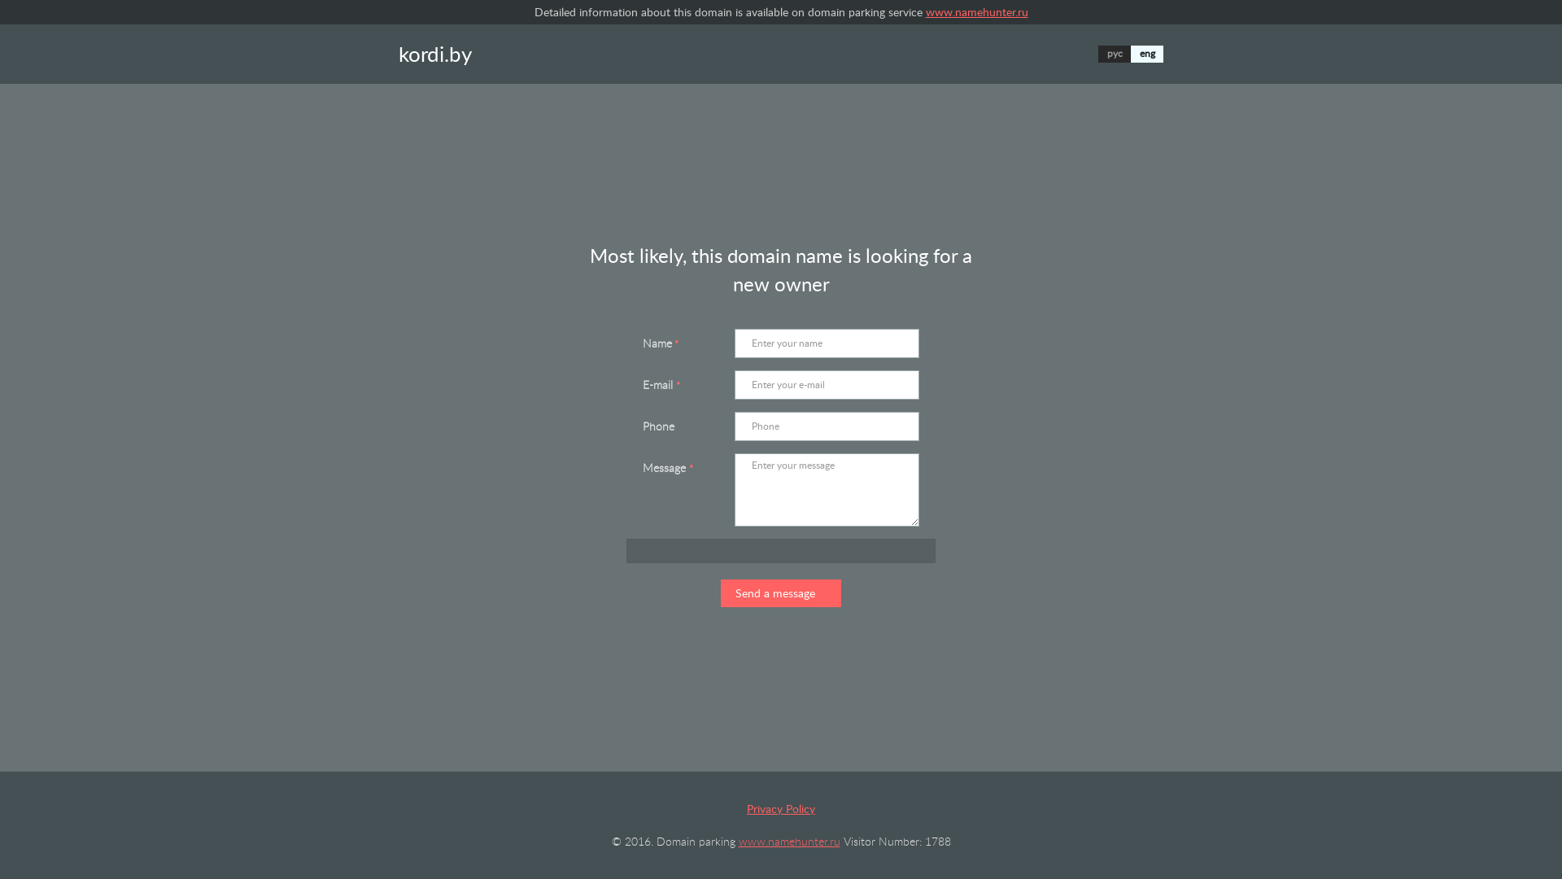  I want to click on 'Send a message', so click(720, 593).